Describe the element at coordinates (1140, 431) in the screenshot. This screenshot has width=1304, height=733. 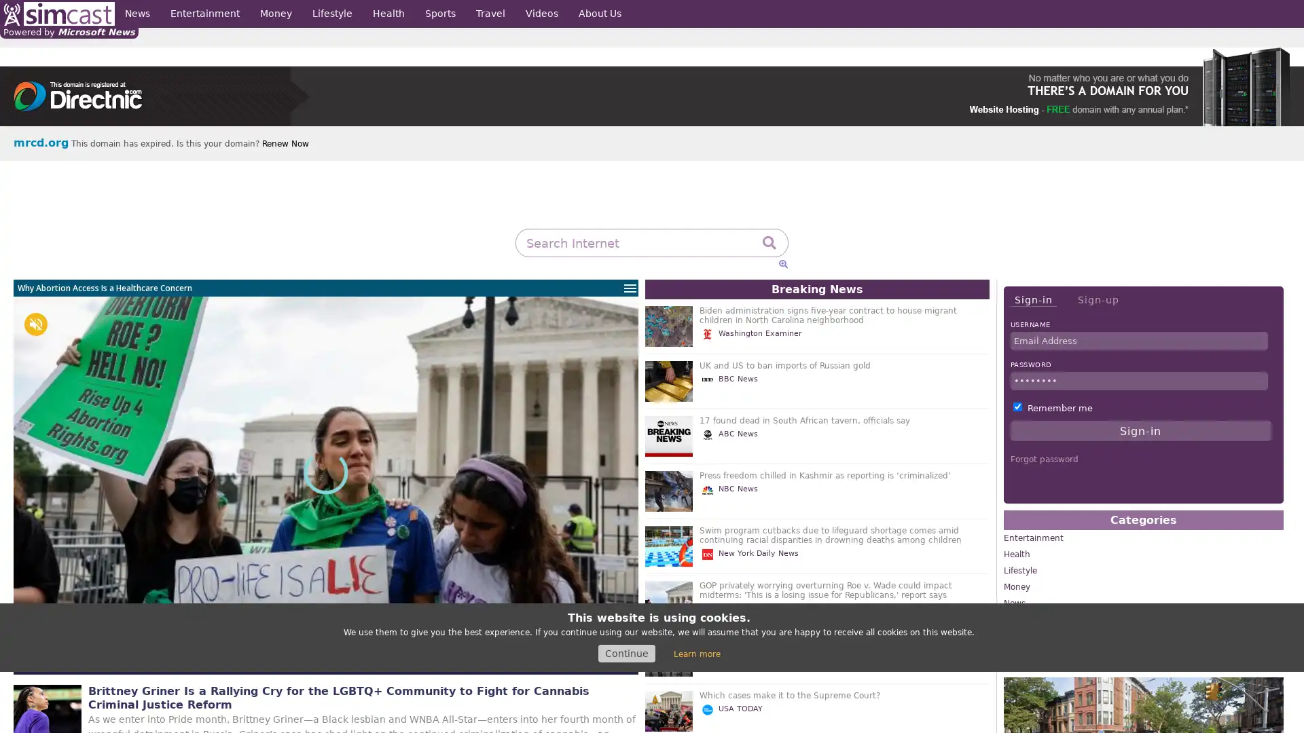
I see `Sign-in` at that location.